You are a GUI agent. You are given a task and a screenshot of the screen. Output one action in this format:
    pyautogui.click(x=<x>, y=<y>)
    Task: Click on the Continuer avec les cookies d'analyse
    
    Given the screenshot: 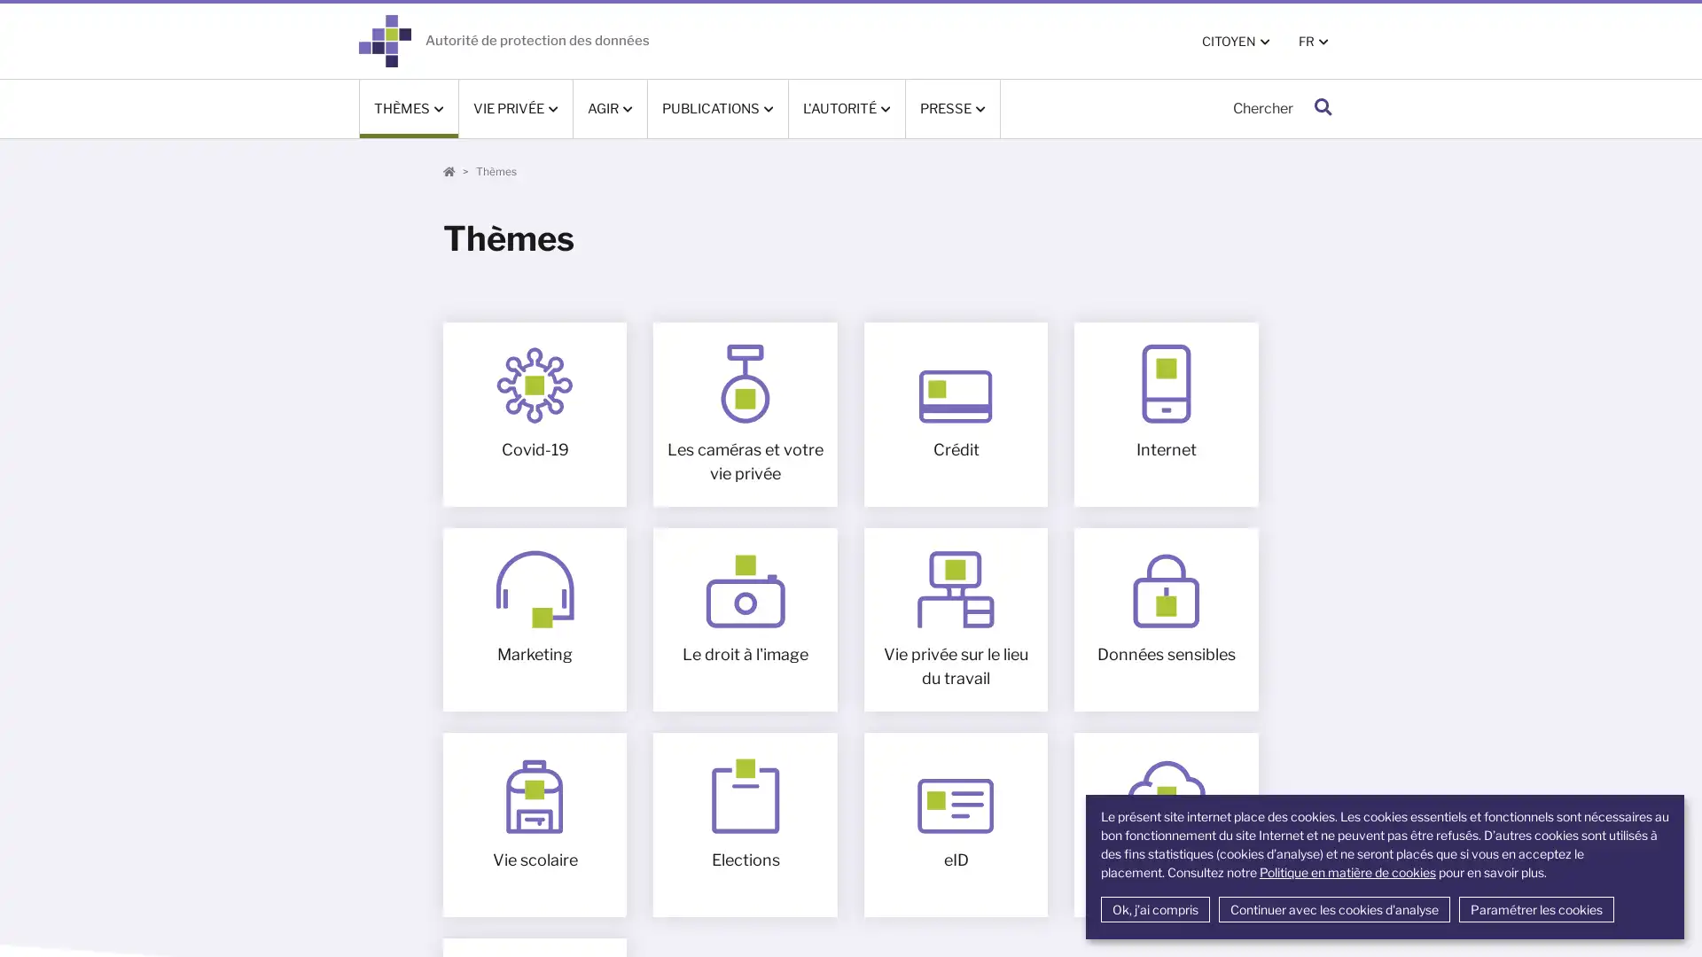 What is the action you would take?
    pyautogui.click(x=1333, y=909)
    